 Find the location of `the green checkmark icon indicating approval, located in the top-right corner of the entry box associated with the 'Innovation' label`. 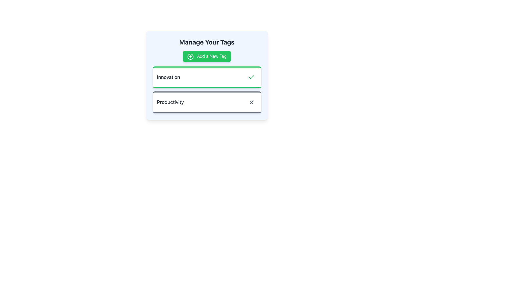

the green checkmark icon indicating approval, located in the top-right corner of the entry box associated with the 'Innovation' label is located at coordinates (251, 77).